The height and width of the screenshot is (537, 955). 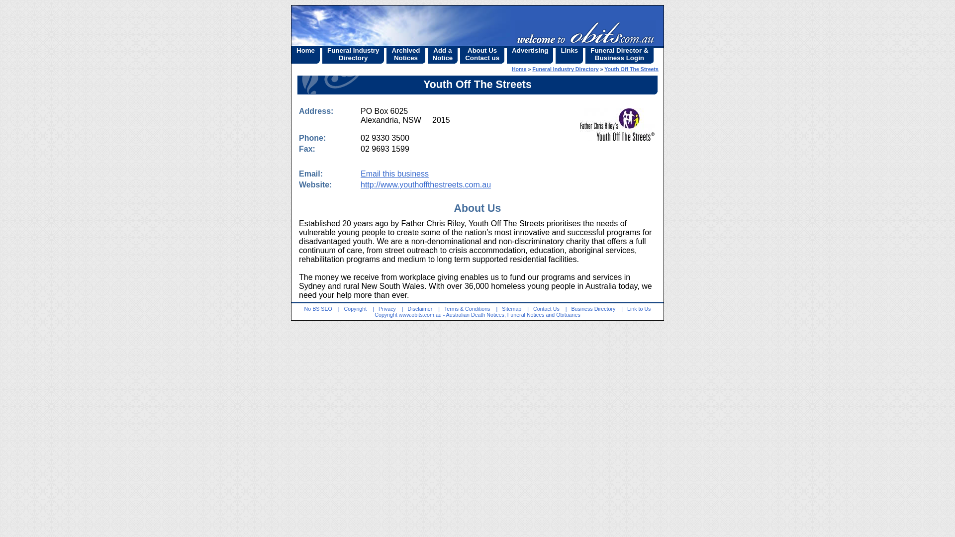 What do you see at coordinates (317, 308) in the screenshot?
I see `'No BS SEO'` at bounding box center [317, 308].